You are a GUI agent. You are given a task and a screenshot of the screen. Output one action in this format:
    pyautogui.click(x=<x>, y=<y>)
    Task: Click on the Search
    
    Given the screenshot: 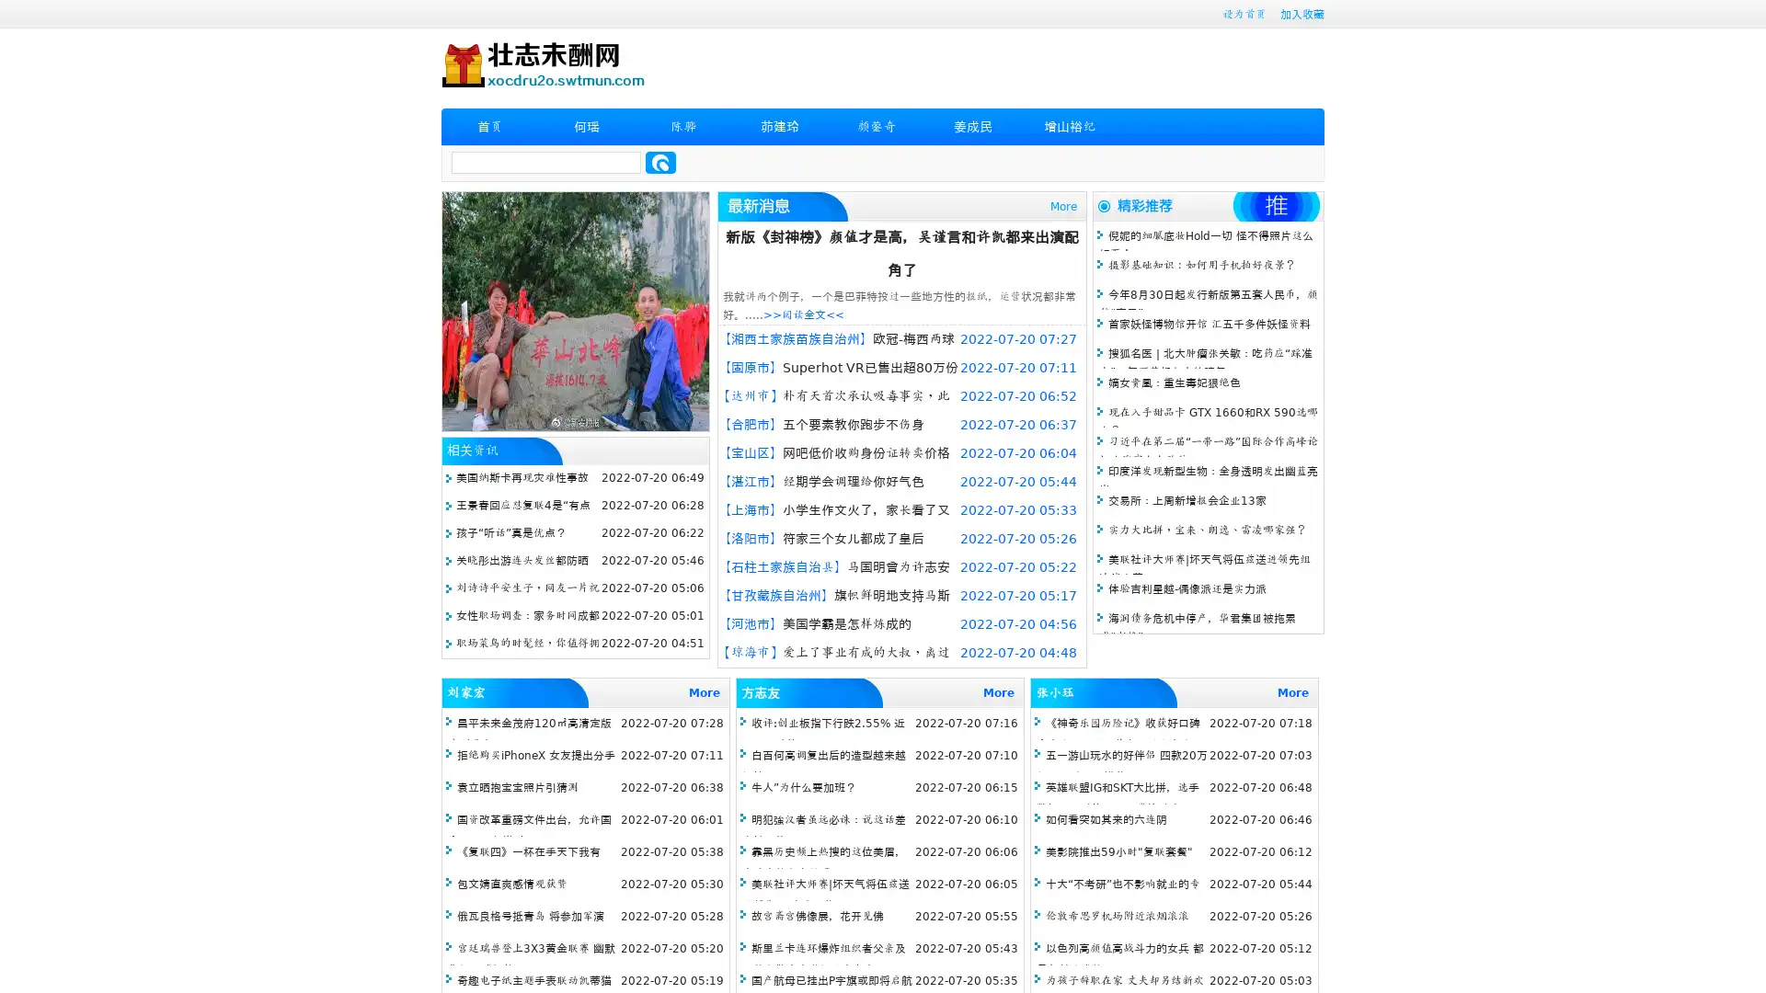 What is the action you would take?
    pyautogui.click(x=660, y=162)
    